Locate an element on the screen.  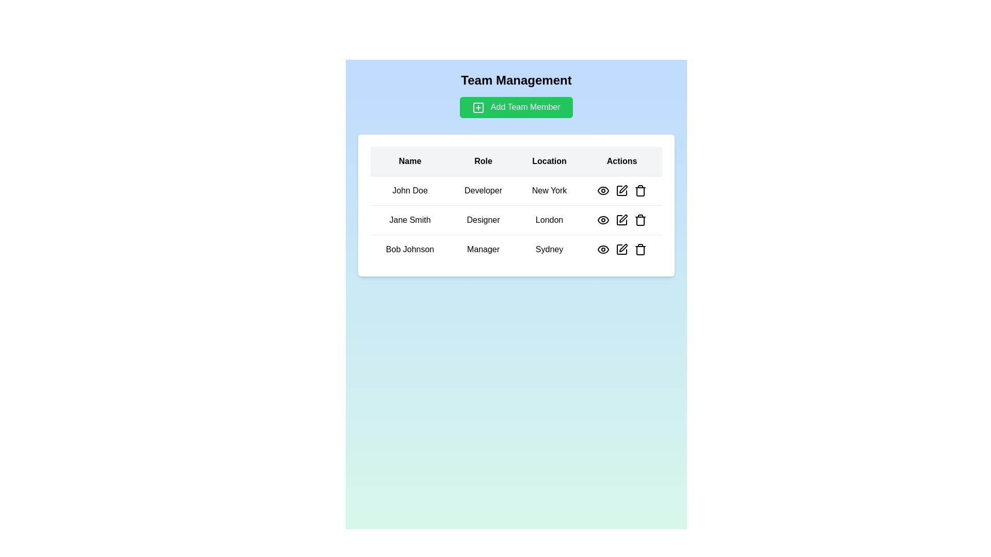
the text label displaying the name 'Bob Johnson' located in the 'Name' column of the third row of the table is located at coordinates (409, 249).